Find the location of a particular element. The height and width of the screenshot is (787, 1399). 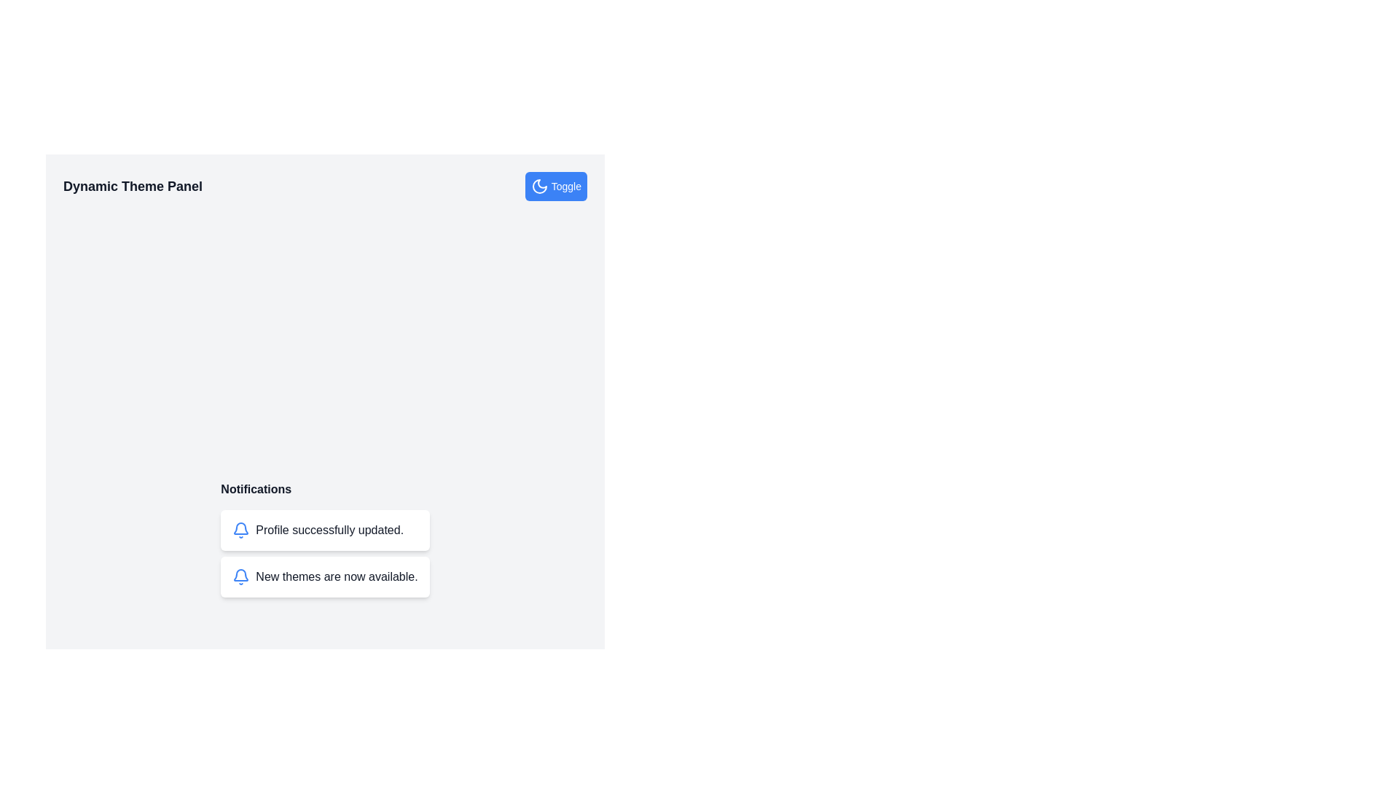

the moon-shaped icon in the Dynamic Theme Panel, which visually indicates toggling between light and dark themes is located at coordinates (538, 185).